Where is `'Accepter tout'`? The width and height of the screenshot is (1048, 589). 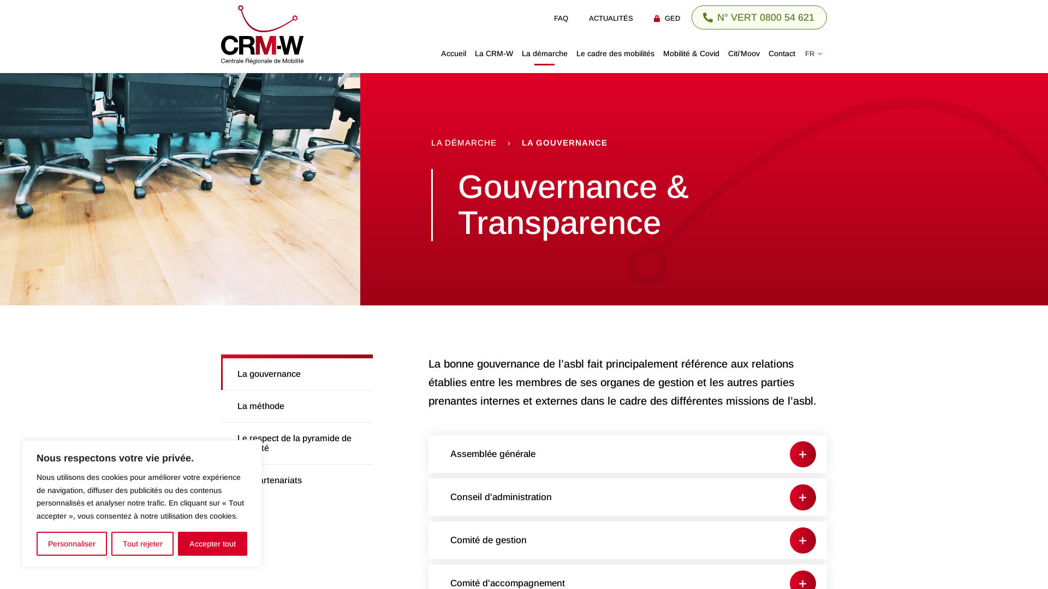 'Accepter tout' is located at coordinates (212, 543).